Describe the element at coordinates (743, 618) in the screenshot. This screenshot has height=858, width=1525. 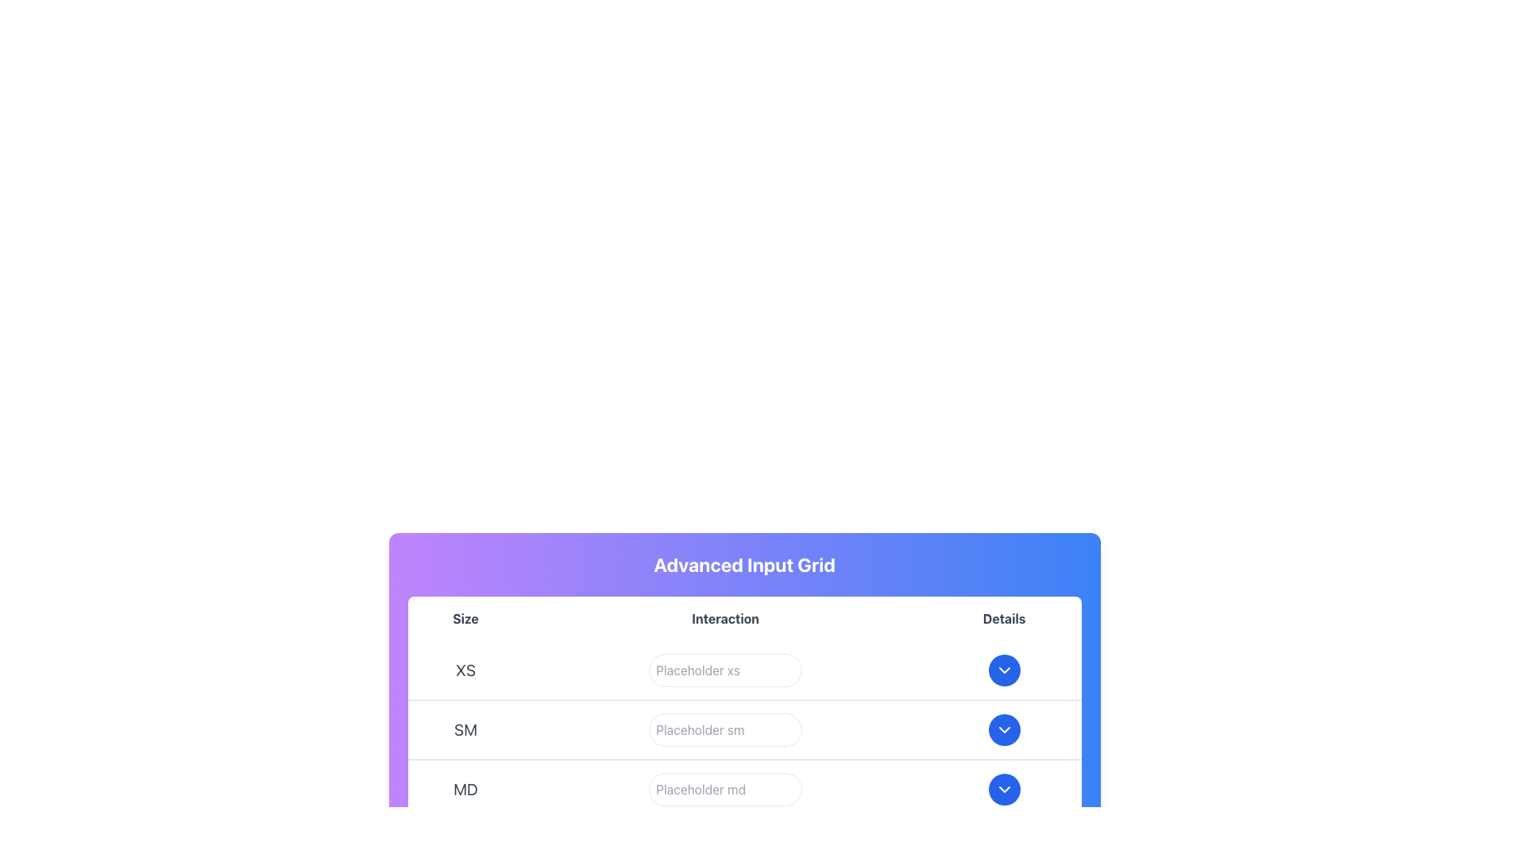
I see `the text label containing 'Interaction' which is positioned centrally between 'Size' and 'Details' in a row of three text elements` at that location.